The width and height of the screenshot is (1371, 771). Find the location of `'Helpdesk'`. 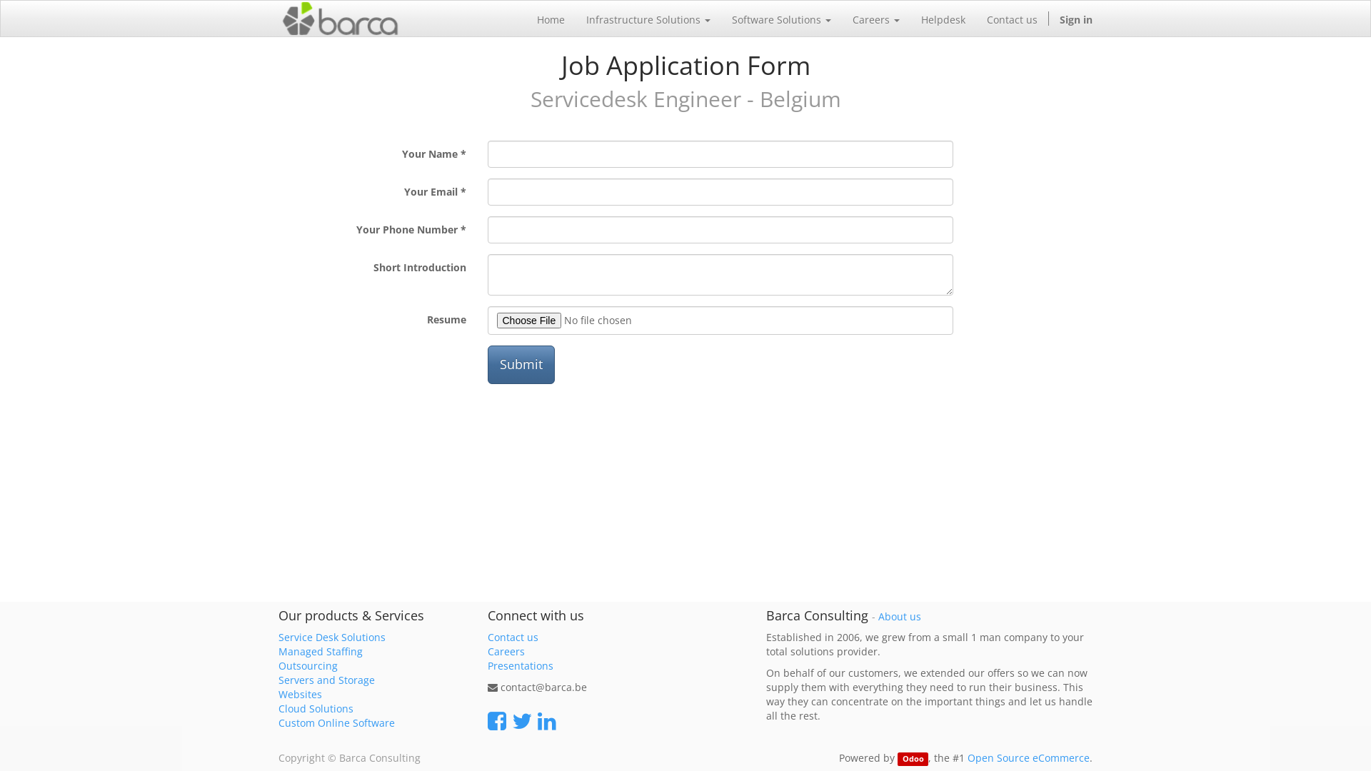

'Helpdesk' is located at coordinates (910, 19).